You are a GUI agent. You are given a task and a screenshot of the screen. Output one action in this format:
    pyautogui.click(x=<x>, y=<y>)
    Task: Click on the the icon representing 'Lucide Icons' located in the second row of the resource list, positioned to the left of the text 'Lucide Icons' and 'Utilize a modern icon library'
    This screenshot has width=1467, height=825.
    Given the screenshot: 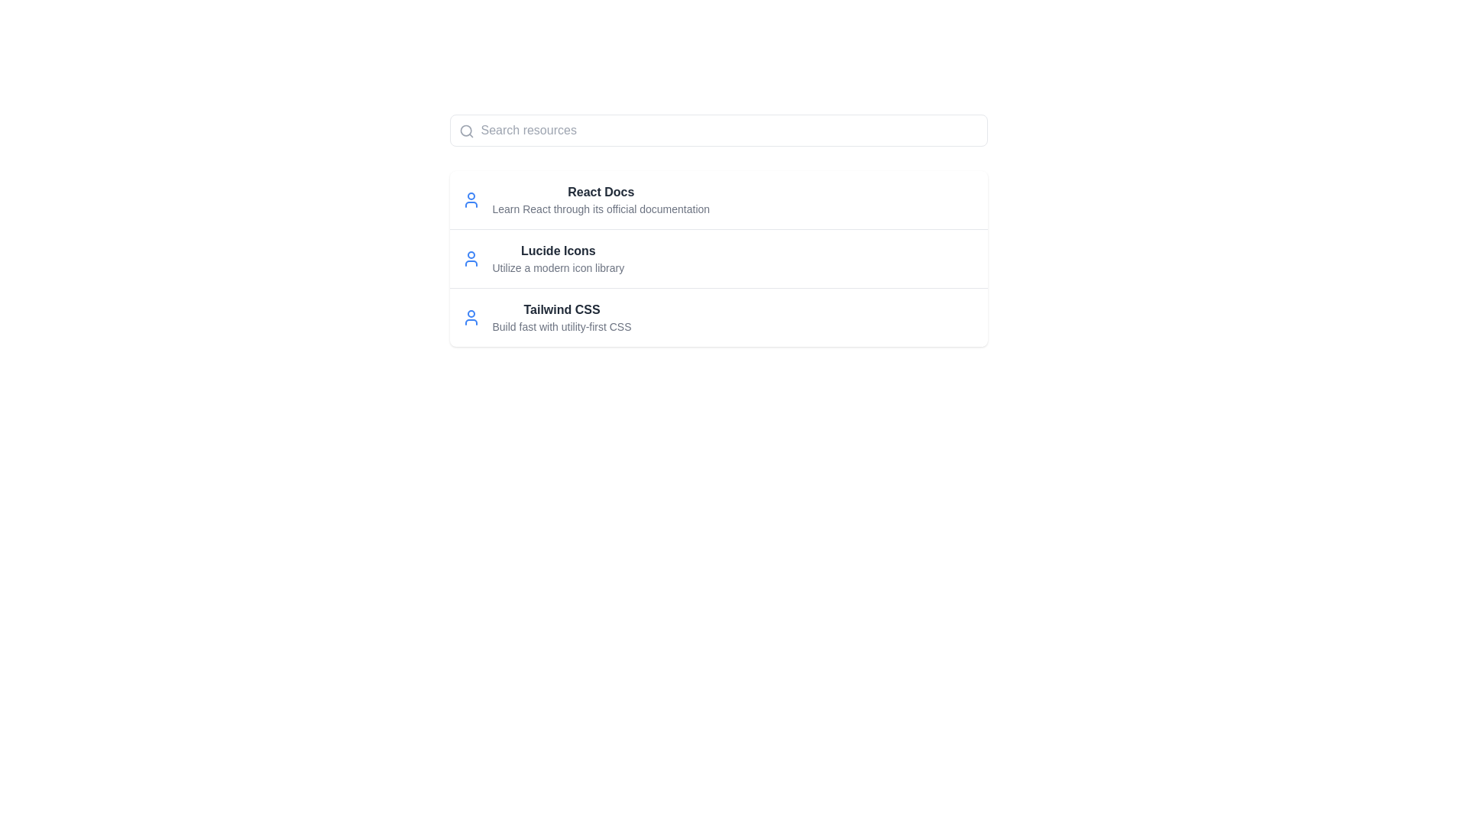 What is the action you would take?
    pyautogui.click(x=470, y=258)
    